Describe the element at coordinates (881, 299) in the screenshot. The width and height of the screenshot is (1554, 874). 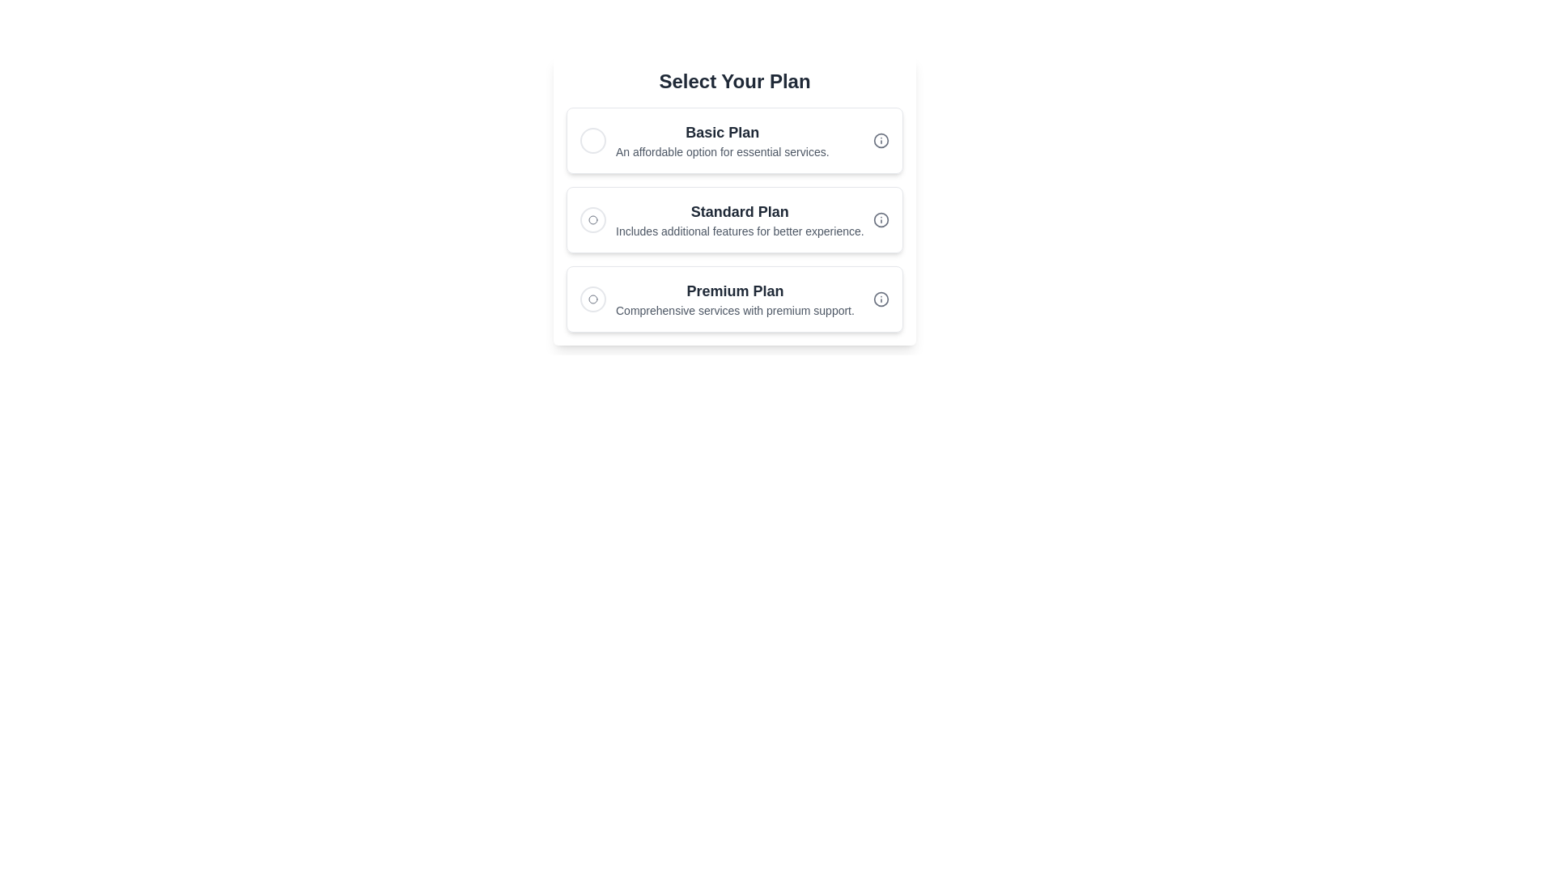
I see `the circular SVG graphic element representing information in the 'Premium Plan' section, located to the far right of the text content` at that location.